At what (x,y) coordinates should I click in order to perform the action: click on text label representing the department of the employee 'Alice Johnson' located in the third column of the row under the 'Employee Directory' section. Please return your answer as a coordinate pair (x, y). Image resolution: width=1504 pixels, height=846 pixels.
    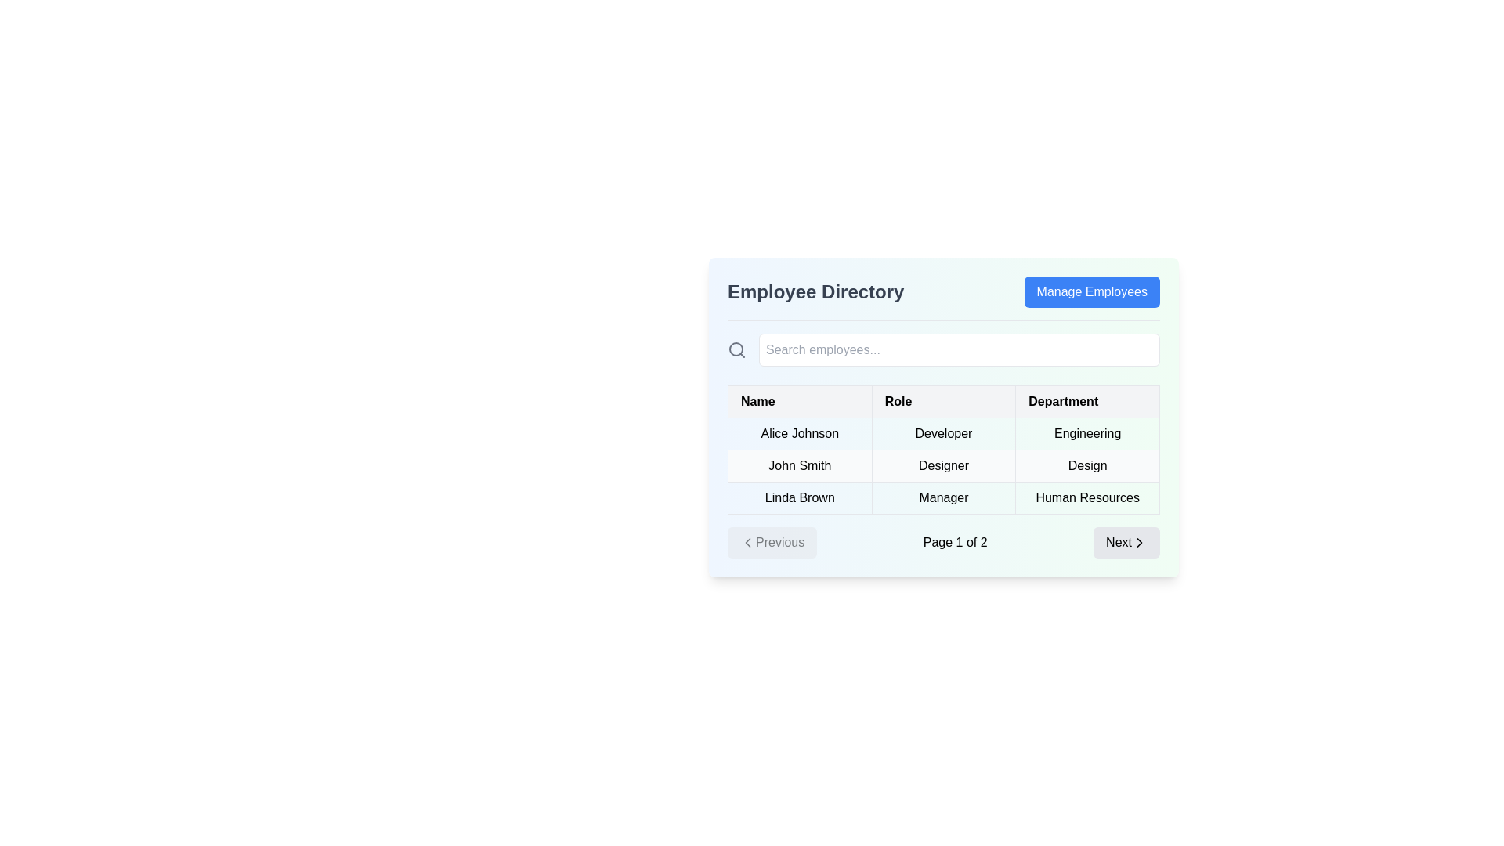
    Looking at the image, I should click on (1086, 434).